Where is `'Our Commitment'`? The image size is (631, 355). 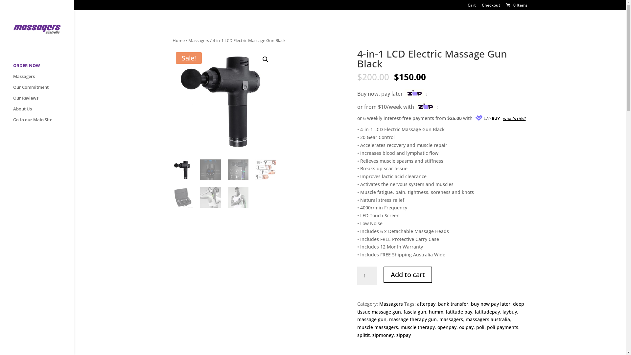
'Our Commitment' is located at coordinates (43, 90).